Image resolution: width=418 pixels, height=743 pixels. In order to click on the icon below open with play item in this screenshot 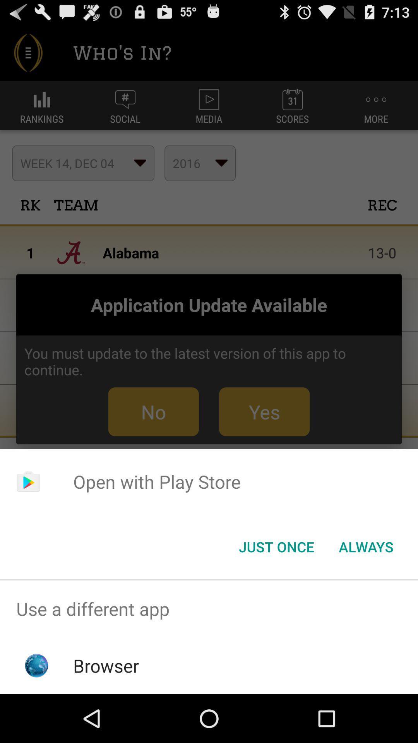, I will do `click(366, 546)`.